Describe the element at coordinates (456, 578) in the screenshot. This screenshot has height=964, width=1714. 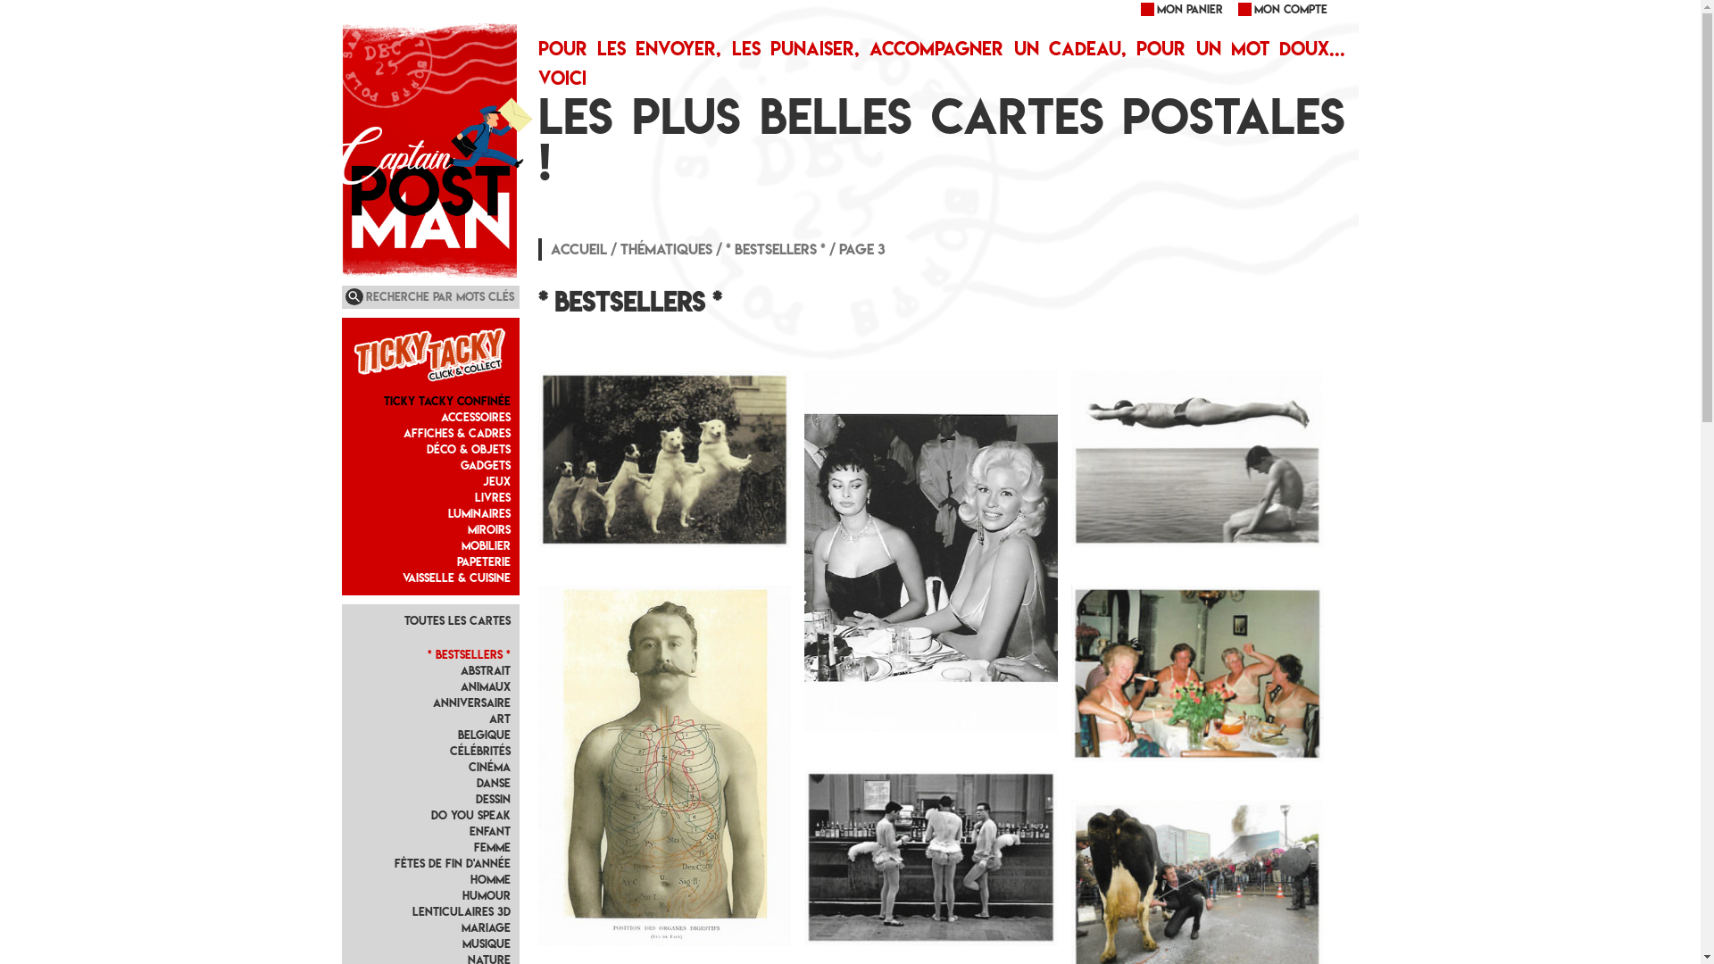
I see `'Vaisselle & cuisine'` at that location.